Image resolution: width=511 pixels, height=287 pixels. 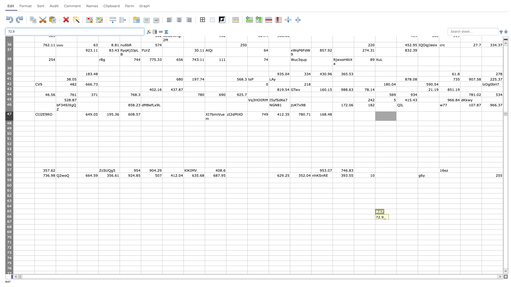 What do you see at coordinates (417, 224) in the screenshot?
I see `Series fill point of cell S67` at bounding box center [417, 224].